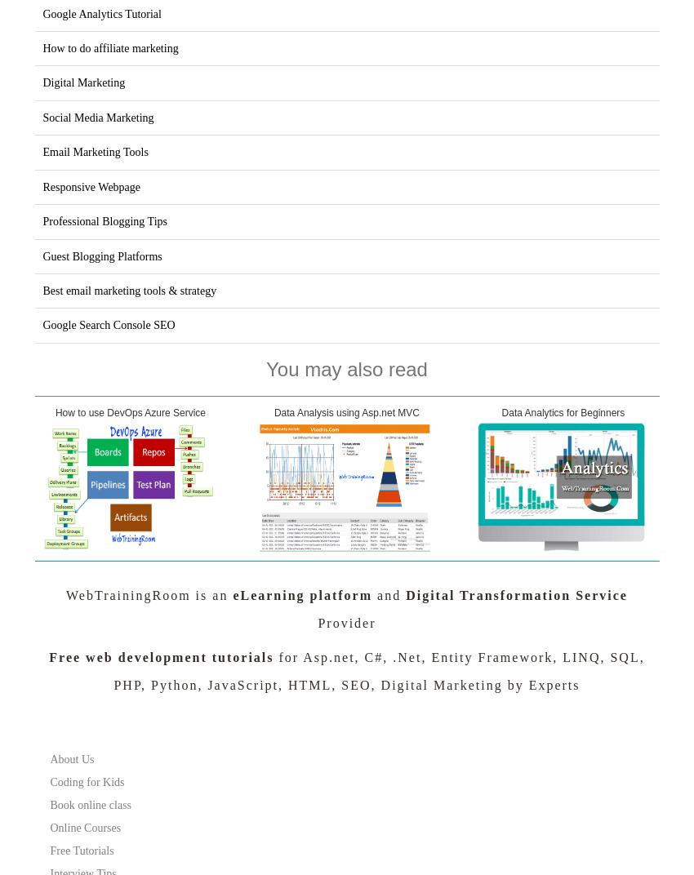 This screenshot has height=875, width=694. What do you see at coordinates (232, 594) in the screenshot?
I see `'eLearning platform'` at bounding box center [232, 594].